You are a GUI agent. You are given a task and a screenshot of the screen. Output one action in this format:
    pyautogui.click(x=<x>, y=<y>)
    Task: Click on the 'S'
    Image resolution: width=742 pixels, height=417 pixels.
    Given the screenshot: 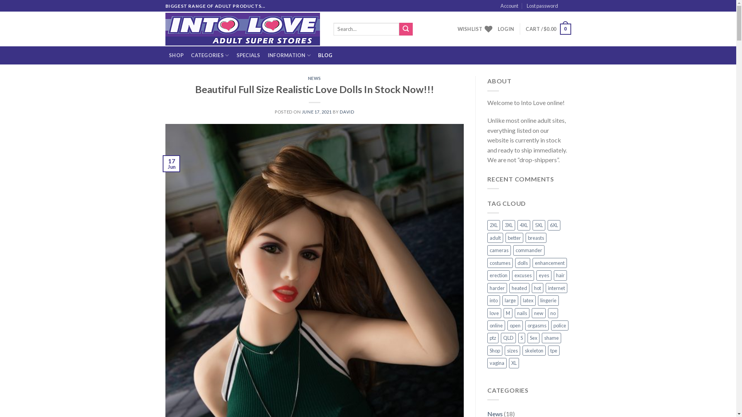 What is the action you would take?
    pyautogui.click(x=521, y=337)
    